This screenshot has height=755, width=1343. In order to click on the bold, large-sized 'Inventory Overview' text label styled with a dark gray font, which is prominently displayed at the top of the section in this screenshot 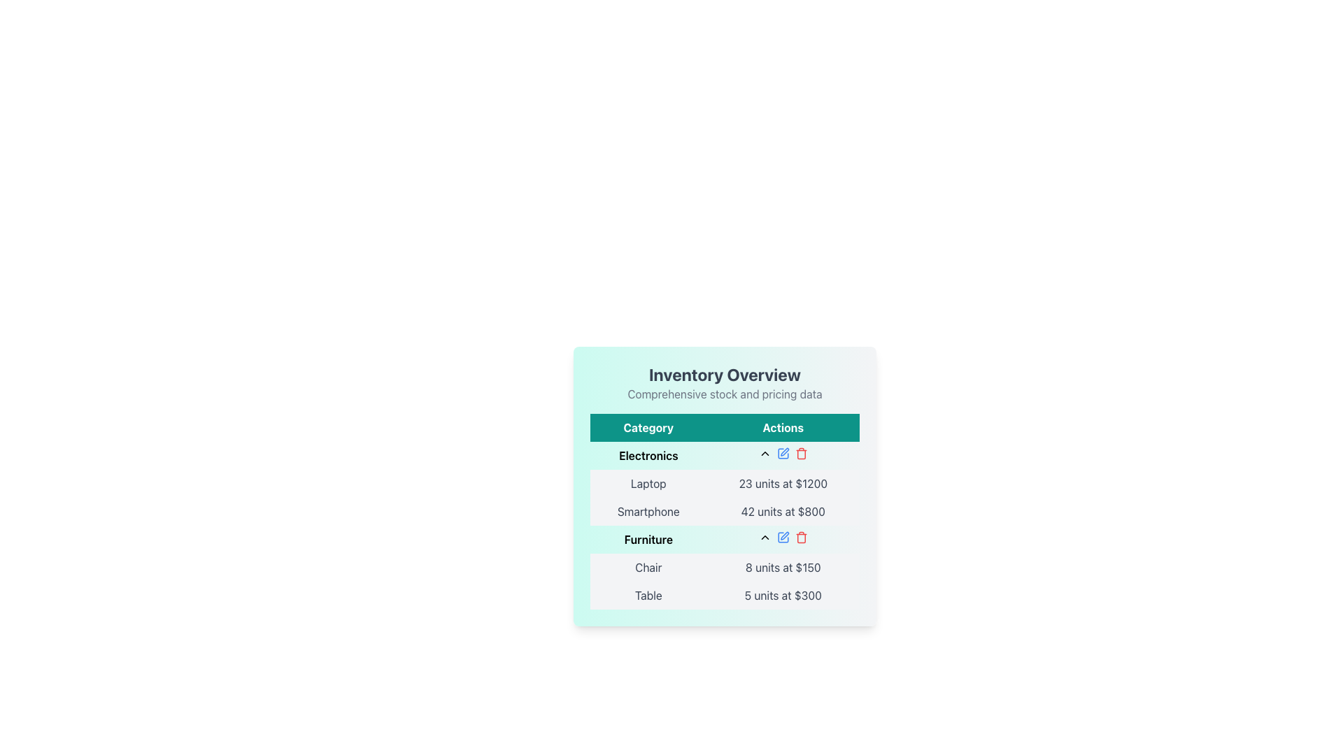, I will do `click(725, 374)`.